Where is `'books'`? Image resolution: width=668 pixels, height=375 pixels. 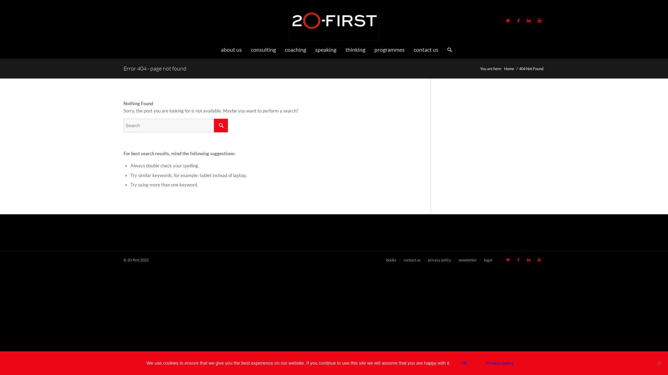 'books' is located at coordinates (391, 260).